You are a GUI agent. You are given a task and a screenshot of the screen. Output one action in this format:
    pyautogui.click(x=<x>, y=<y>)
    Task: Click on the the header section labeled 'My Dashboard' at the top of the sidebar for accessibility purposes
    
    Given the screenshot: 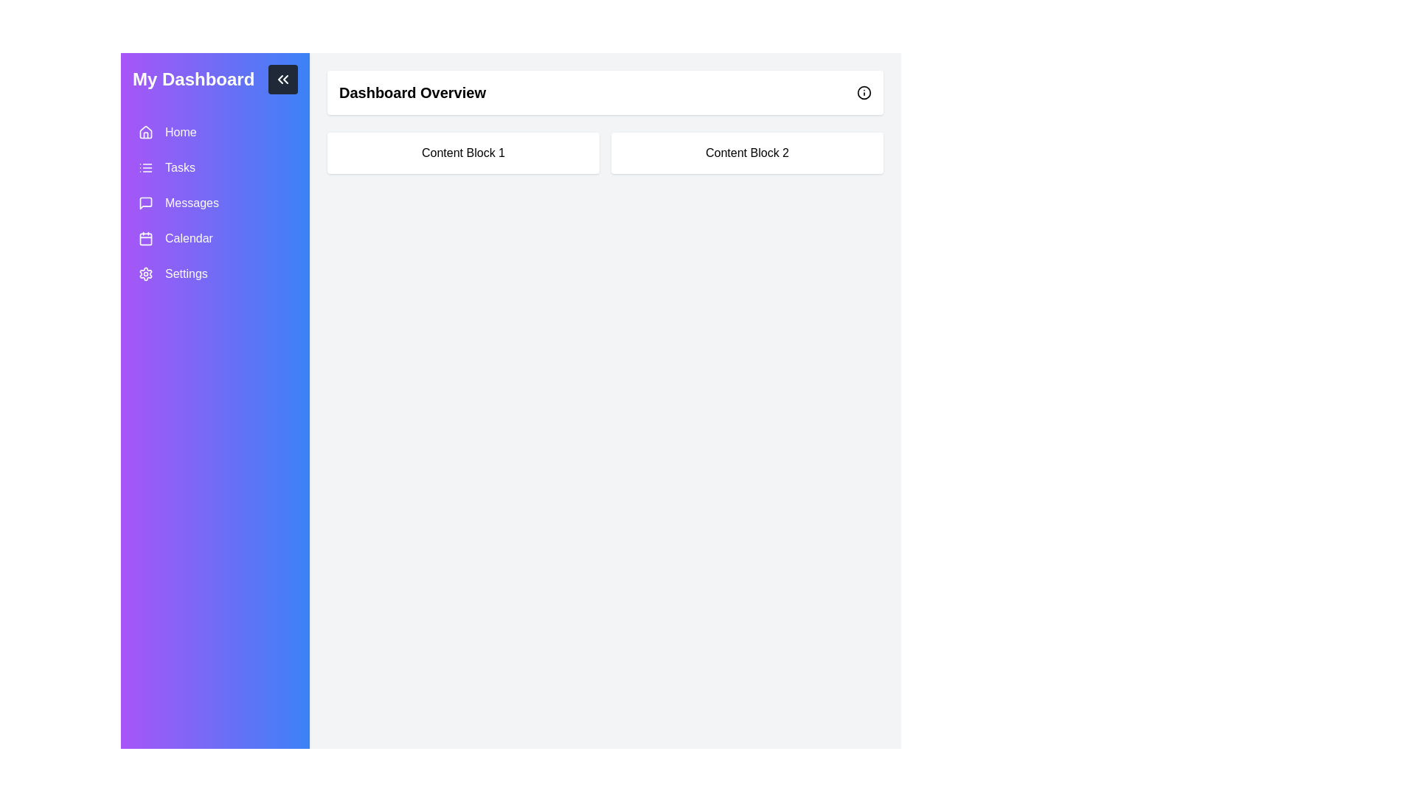 What is the action you would take?
    pyautogui.click(x=215, y=80)
    